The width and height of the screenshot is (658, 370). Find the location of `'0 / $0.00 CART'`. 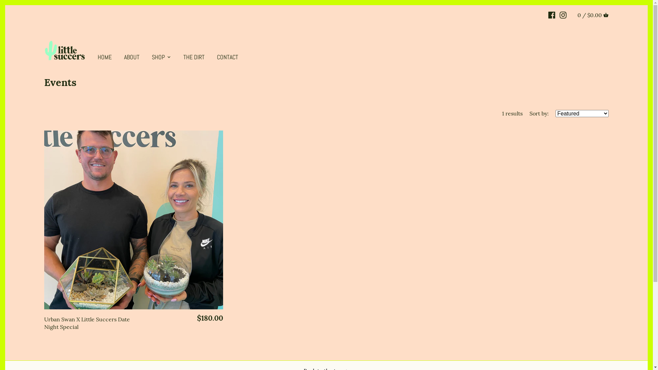

'0 / $0.00 CART' is located at coordinates (593, 14).